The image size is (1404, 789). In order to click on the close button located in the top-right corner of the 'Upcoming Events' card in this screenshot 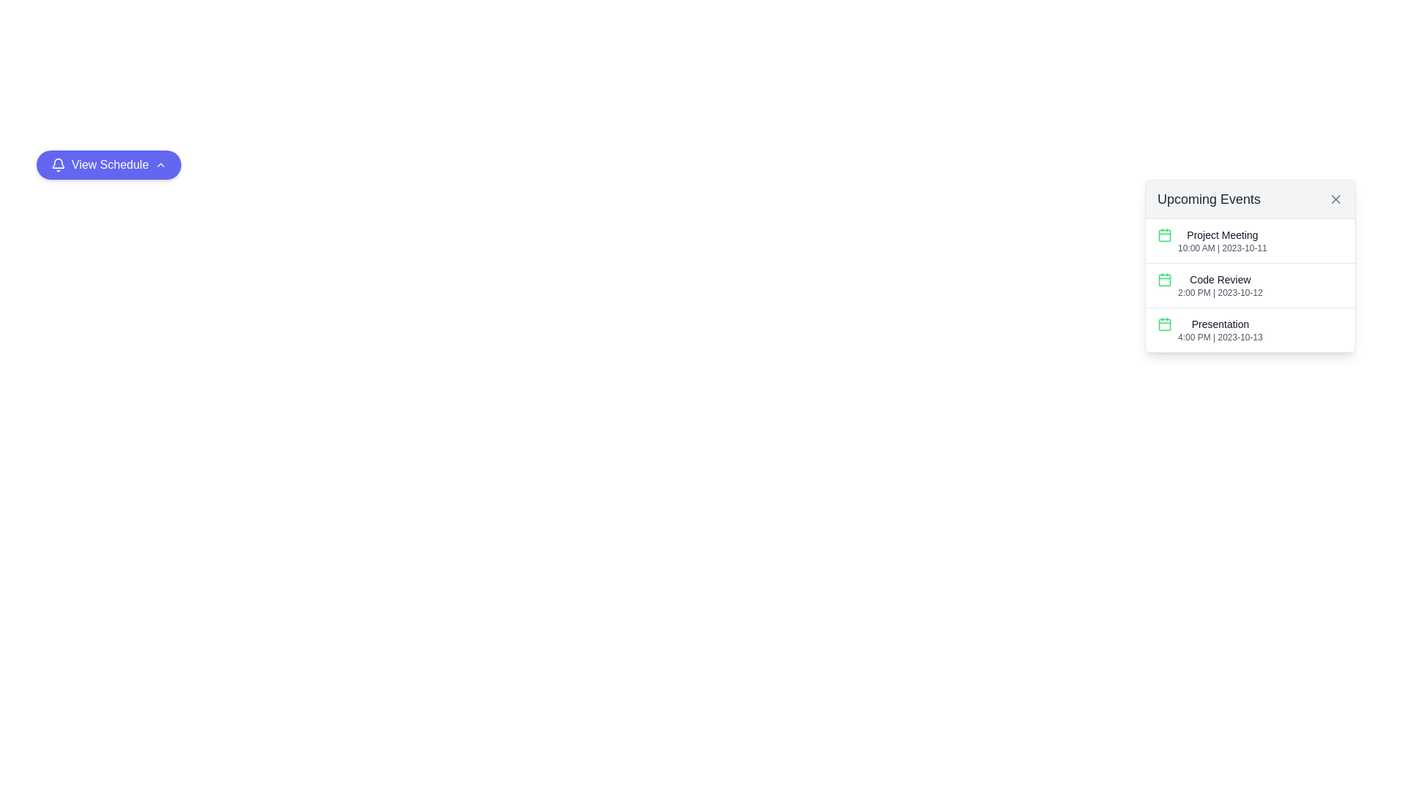, I will do `click(1336, 199)`.